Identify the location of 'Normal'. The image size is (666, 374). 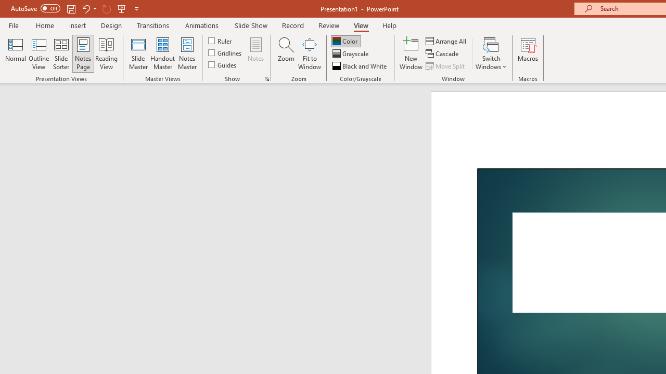
(16, 54).